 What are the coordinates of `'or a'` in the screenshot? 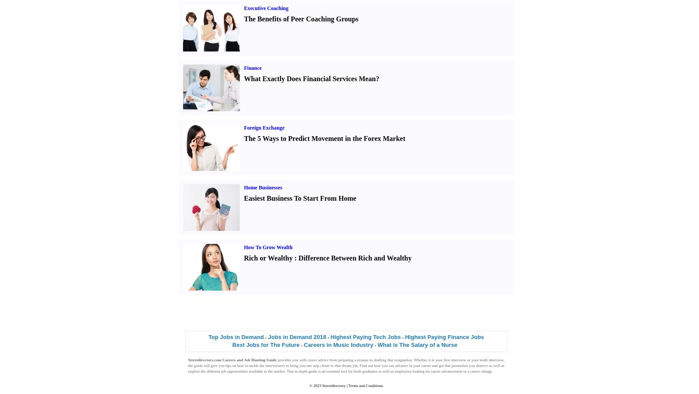 It's located at (466, 370).